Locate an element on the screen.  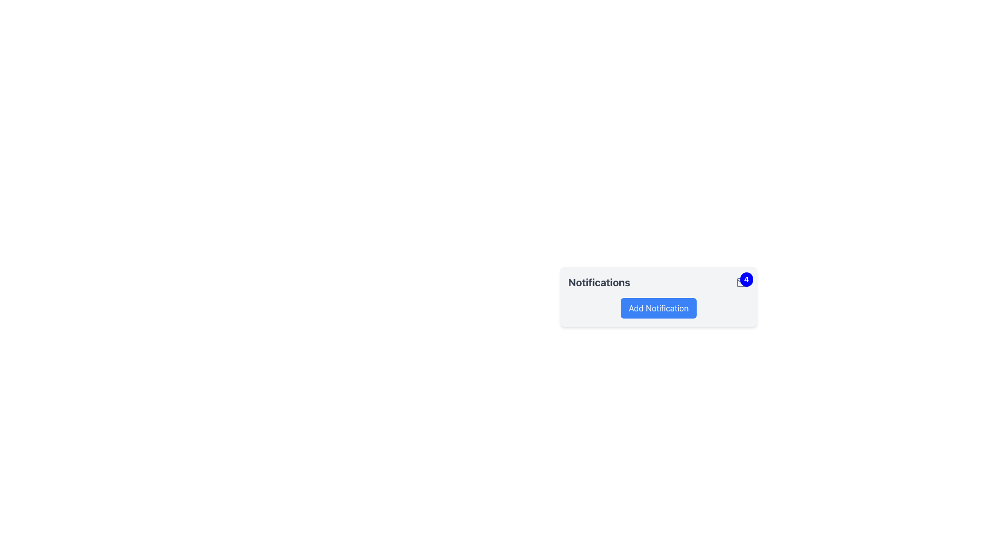
the 'Add Notification' button located below the 'Notifications' title is located at coordinates (658, 308).